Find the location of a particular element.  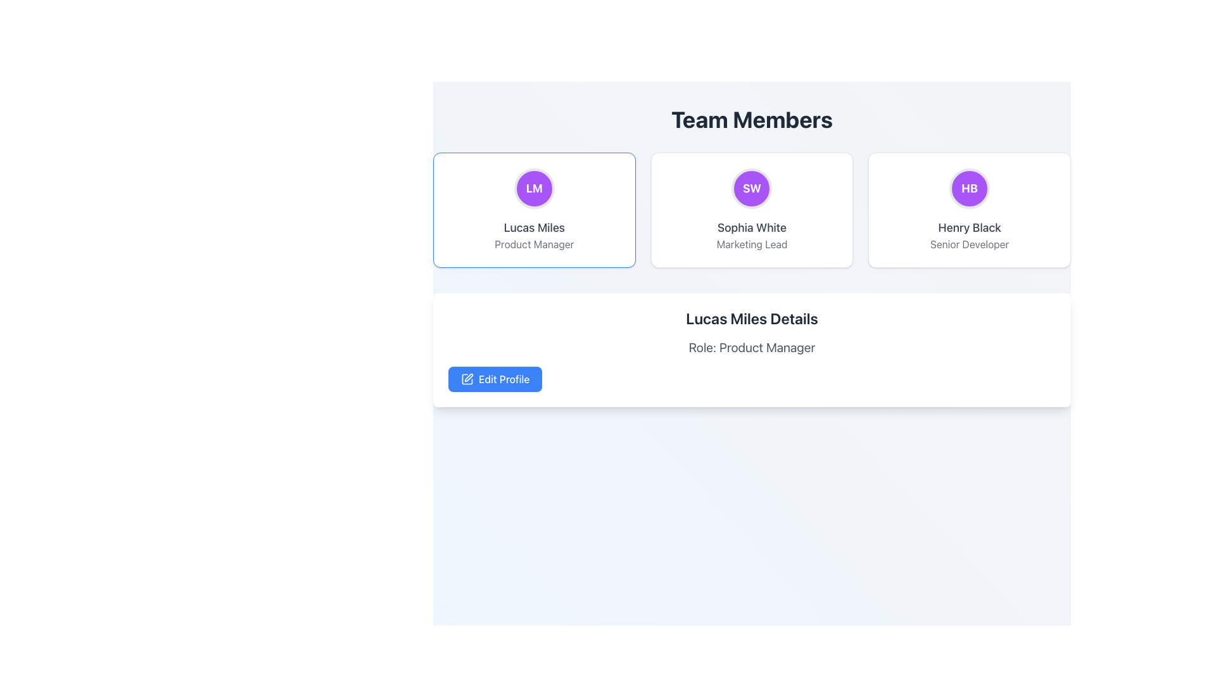

the avatar icon representing the user 'Lucas Miles' is located at coordinates (534, 188).